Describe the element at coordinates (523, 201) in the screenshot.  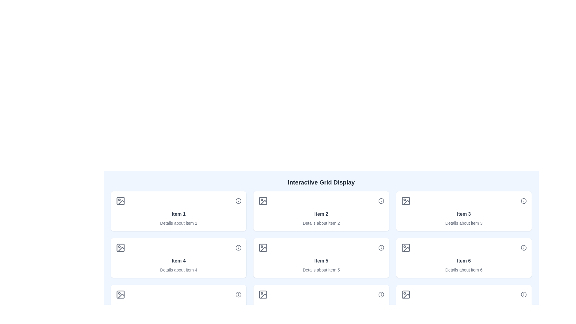
I see `the main circular SVG graphic located in the top-right corner of the 'Item 3' box within the 'Interactive Grid Display'` at that location.